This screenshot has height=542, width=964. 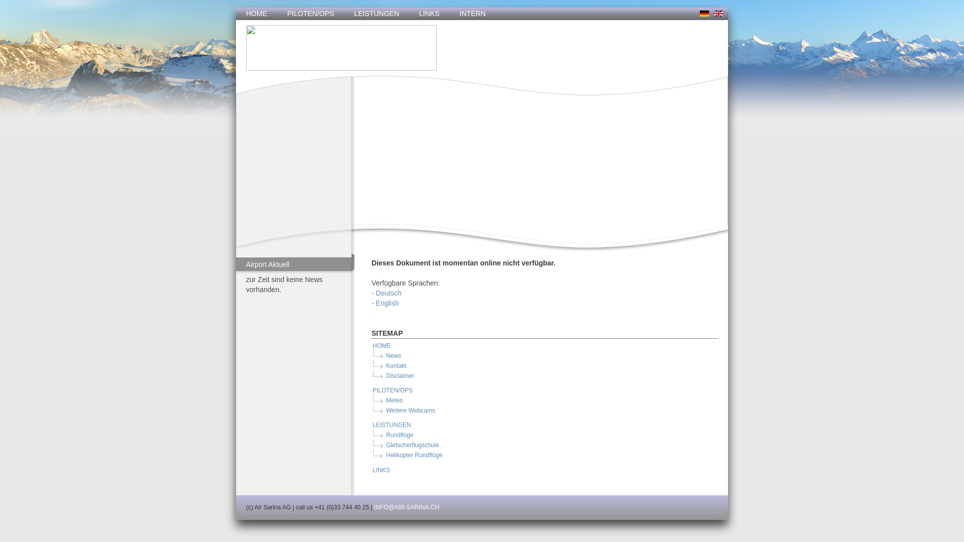 I want to click on 'News', so click(x=392, y=355).